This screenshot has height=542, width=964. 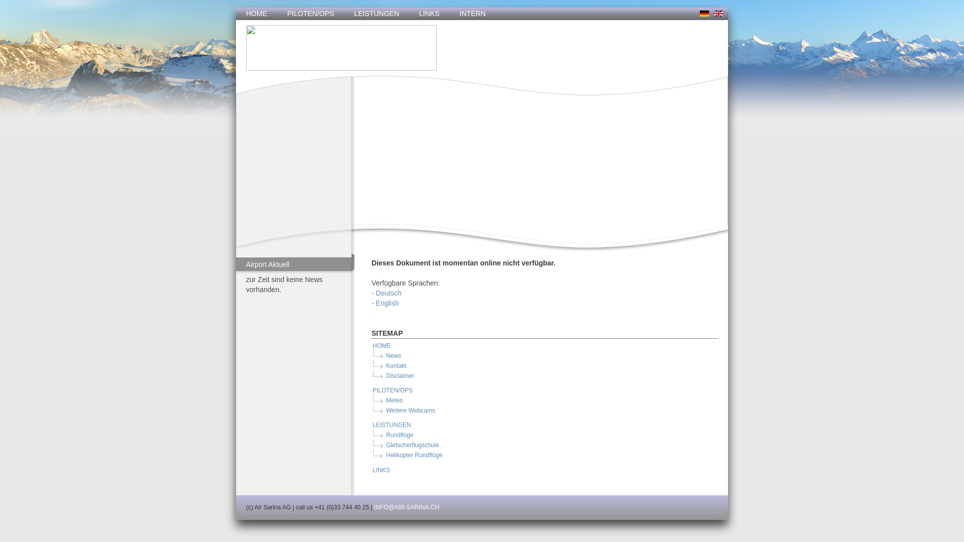 I want to click on 'News', so click(x=392, y=355).